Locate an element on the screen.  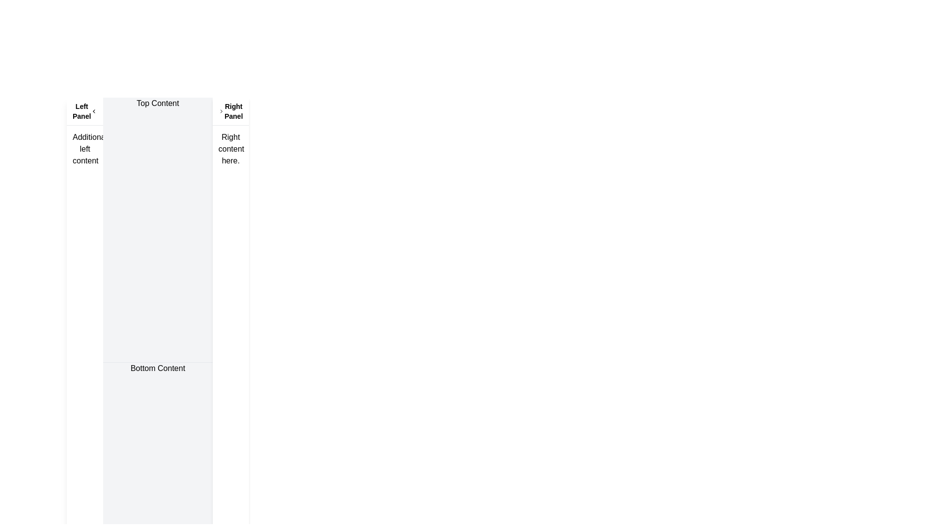
the arrow icon located to the left of the 'Right Panel' header to expand or collapse the associated panel is located at coordinates (230, 111).